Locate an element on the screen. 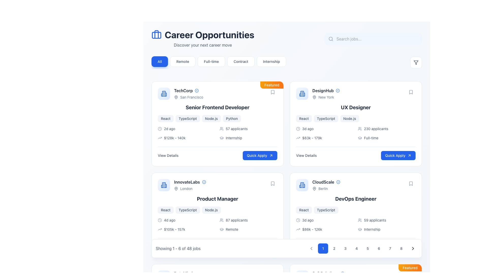  the left-pointing chevron icon button located in the pagination section is located at coordinates (311, 248).